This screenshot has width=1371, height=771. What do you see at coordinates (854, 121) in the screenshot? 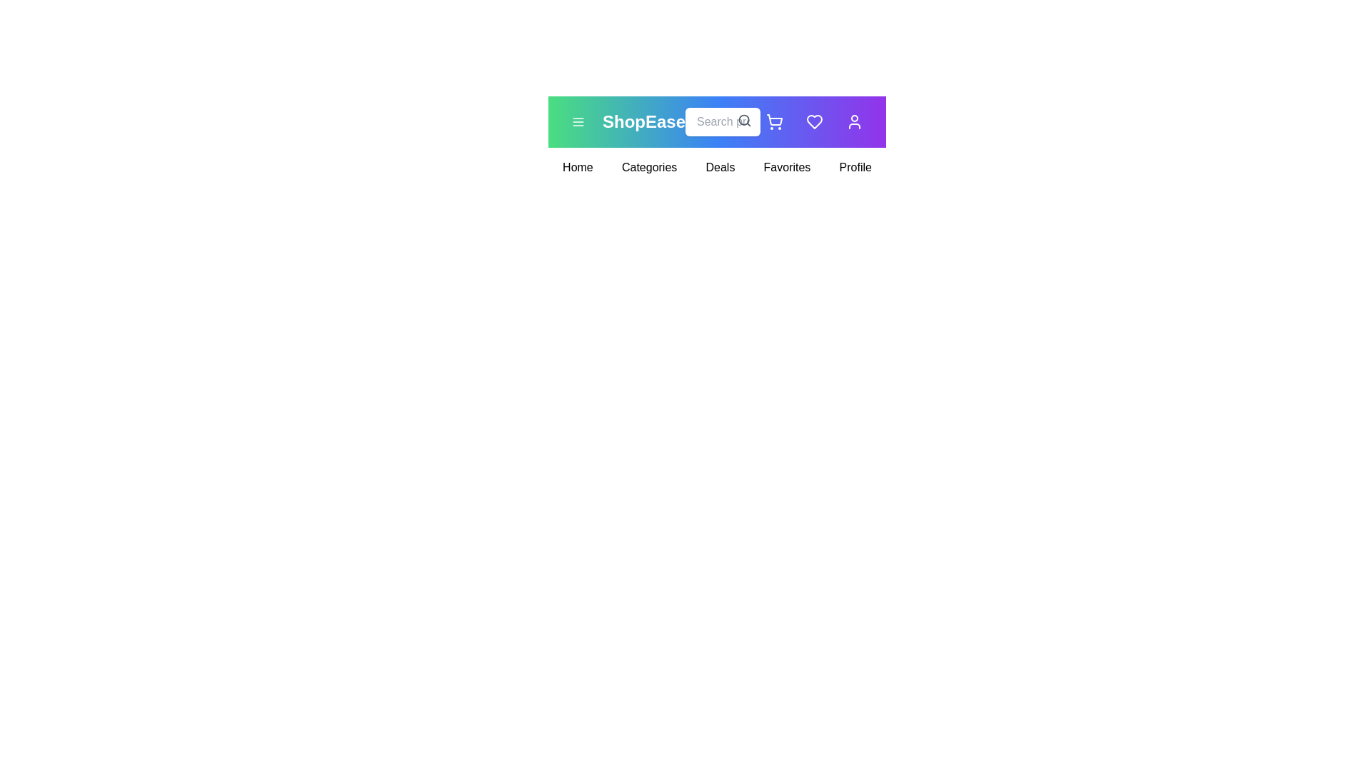
I see `the user icon to access the user profile` at bounding box center [854, 121].